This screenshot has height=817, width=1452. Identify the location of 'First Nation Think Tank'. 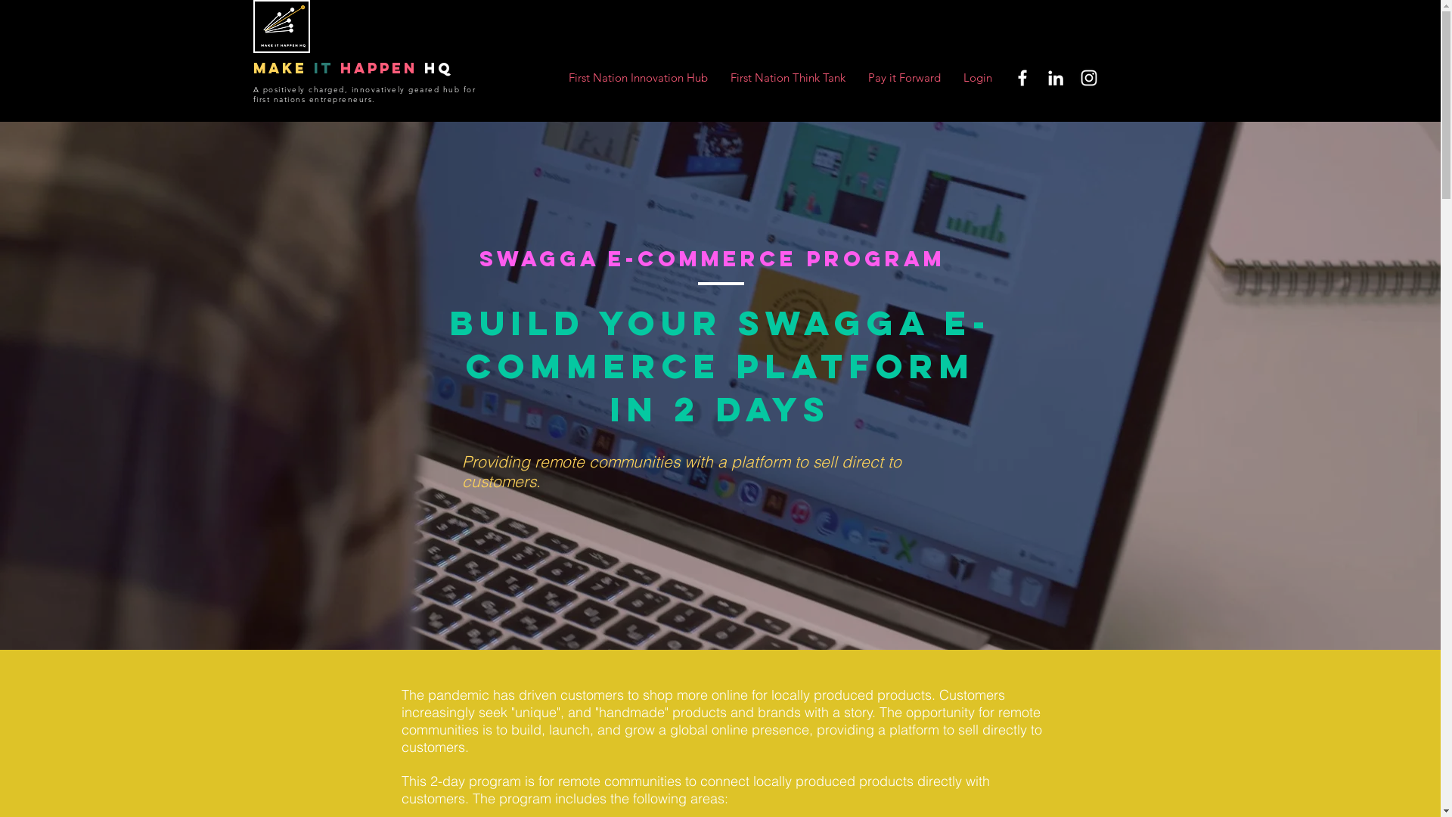
(786, 78).